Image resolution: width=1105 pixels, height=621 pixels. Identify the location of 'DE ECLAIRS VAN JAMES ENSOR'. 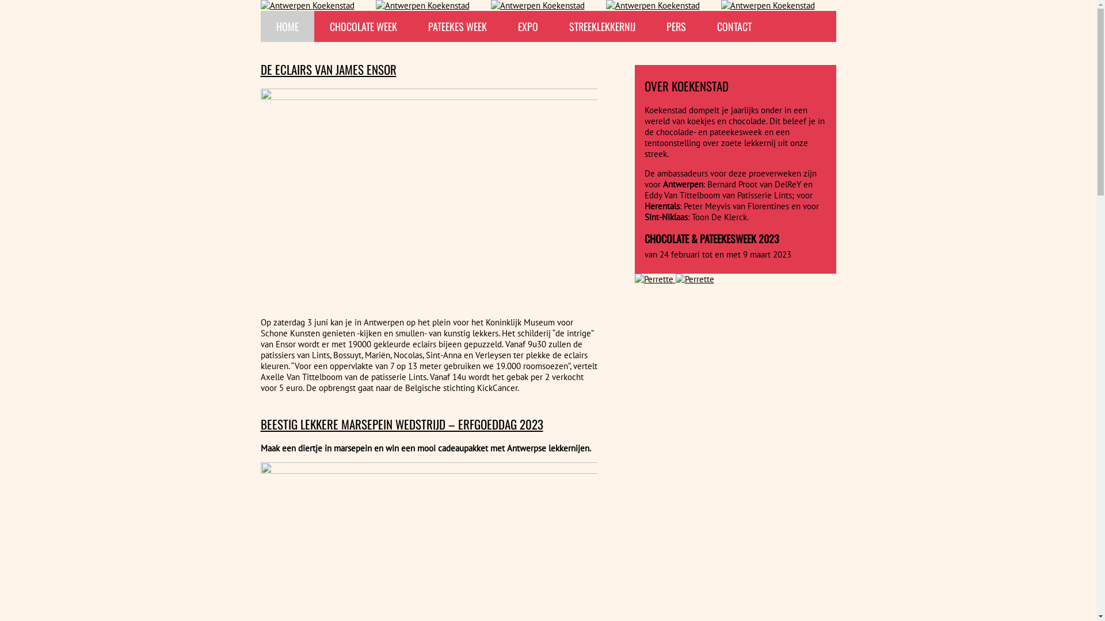
(327, 69).